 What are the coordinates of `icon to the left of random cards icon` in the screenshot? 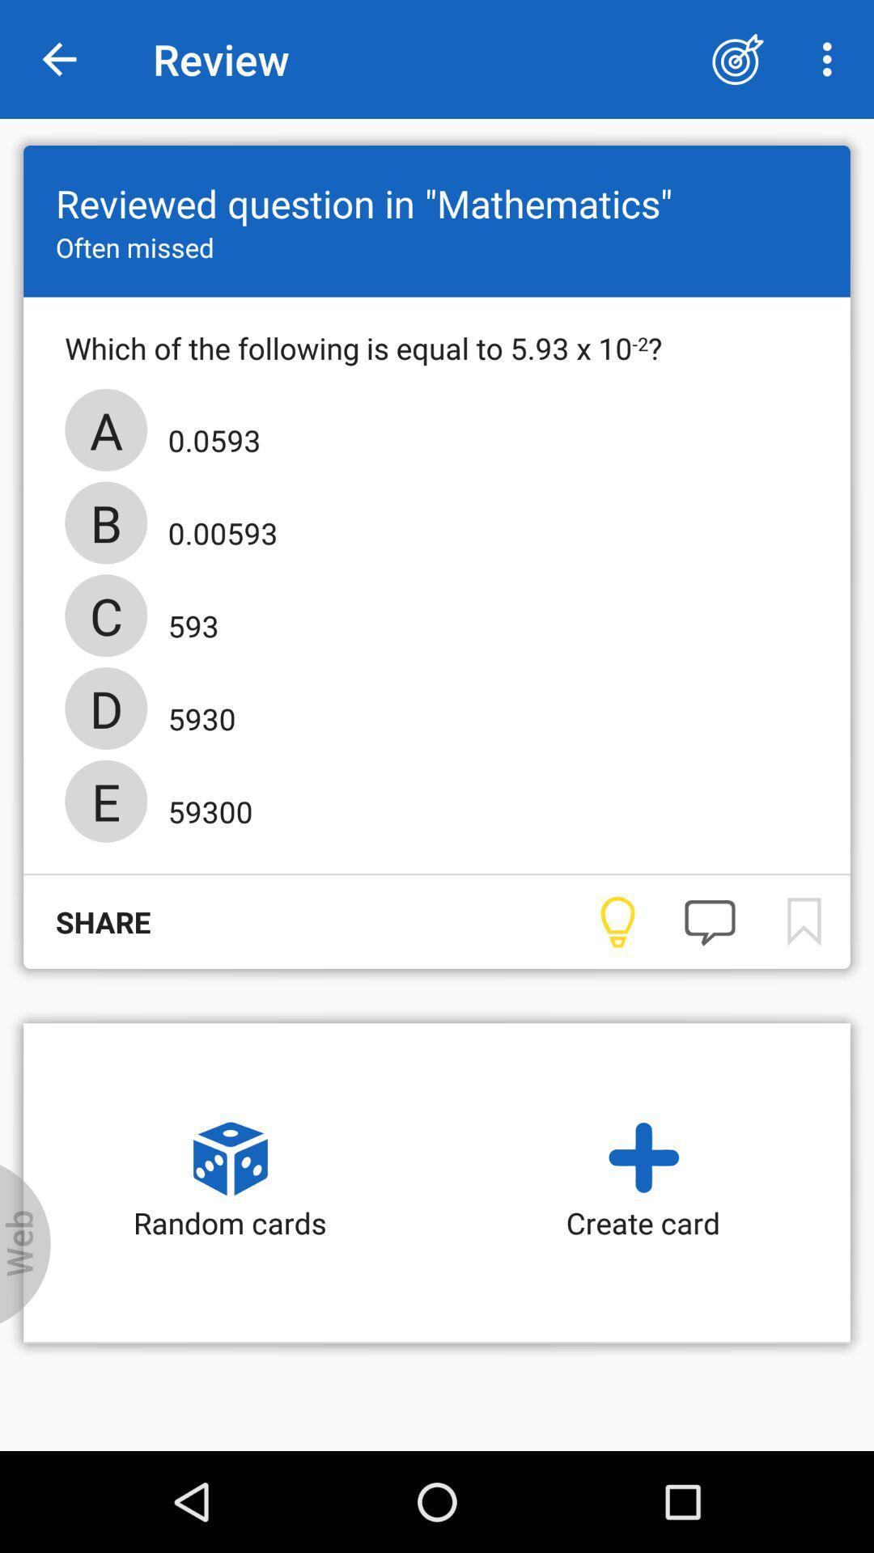 It's located at (25, 1243).